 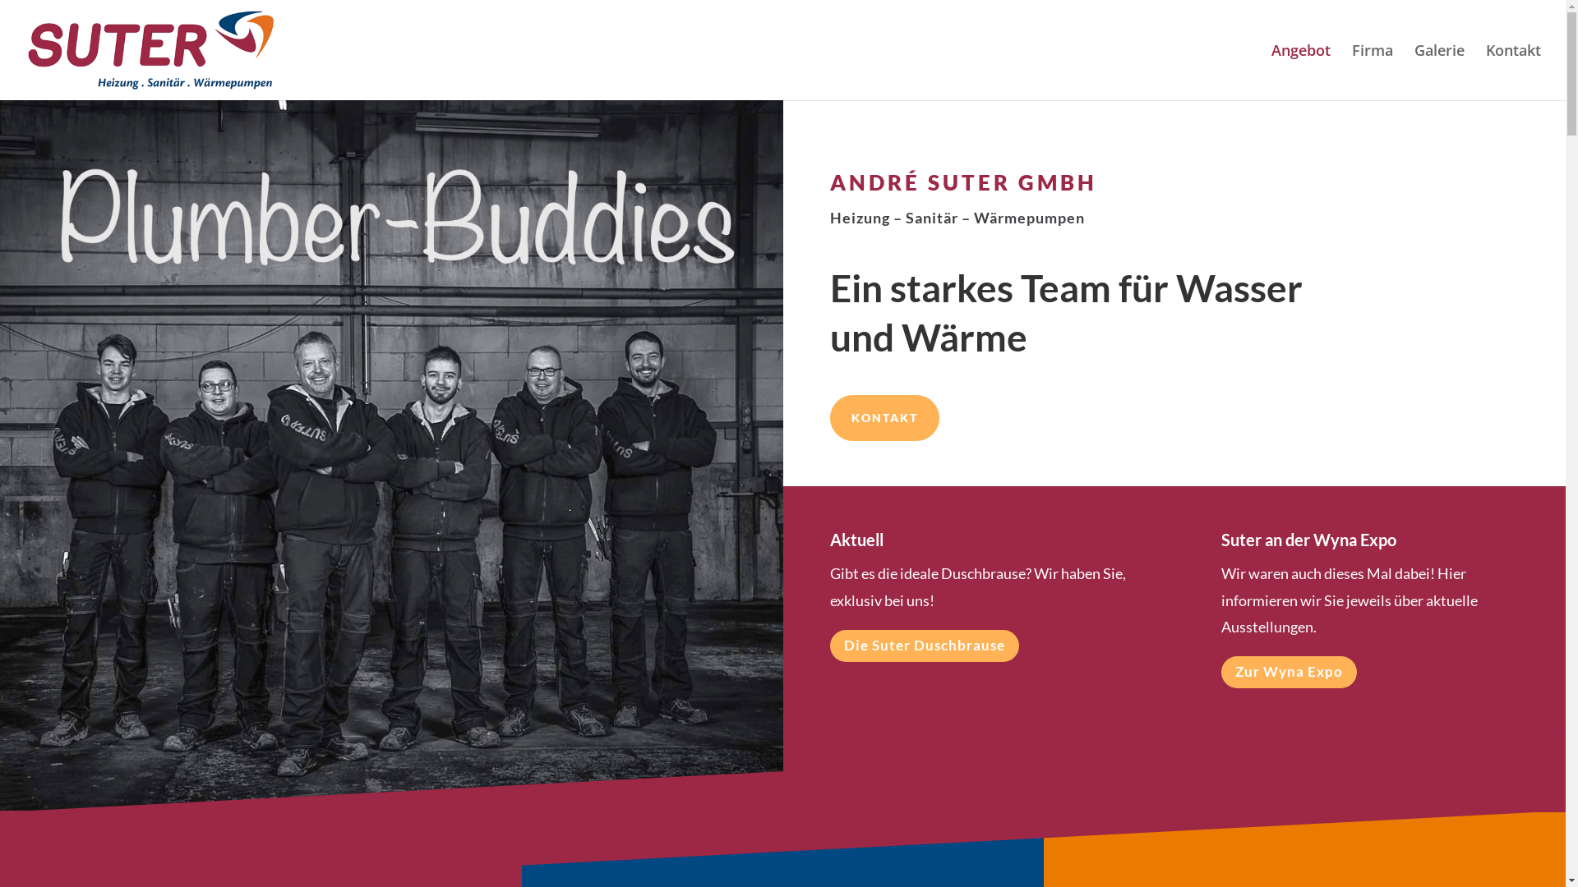 I want to click on 'Zur Wyna Expo', so click(x=1288, y=672).